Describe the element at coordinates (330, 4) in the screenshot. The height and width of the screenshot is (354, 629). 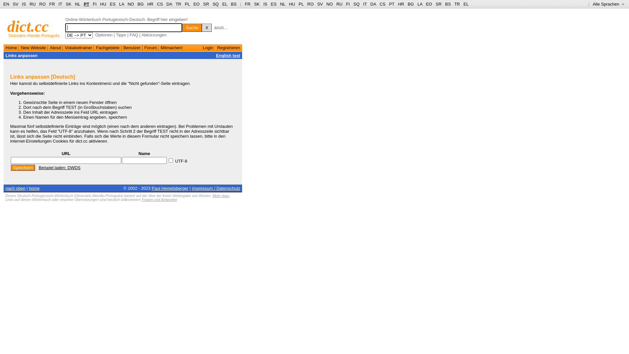
I see `'NO'` at that location.